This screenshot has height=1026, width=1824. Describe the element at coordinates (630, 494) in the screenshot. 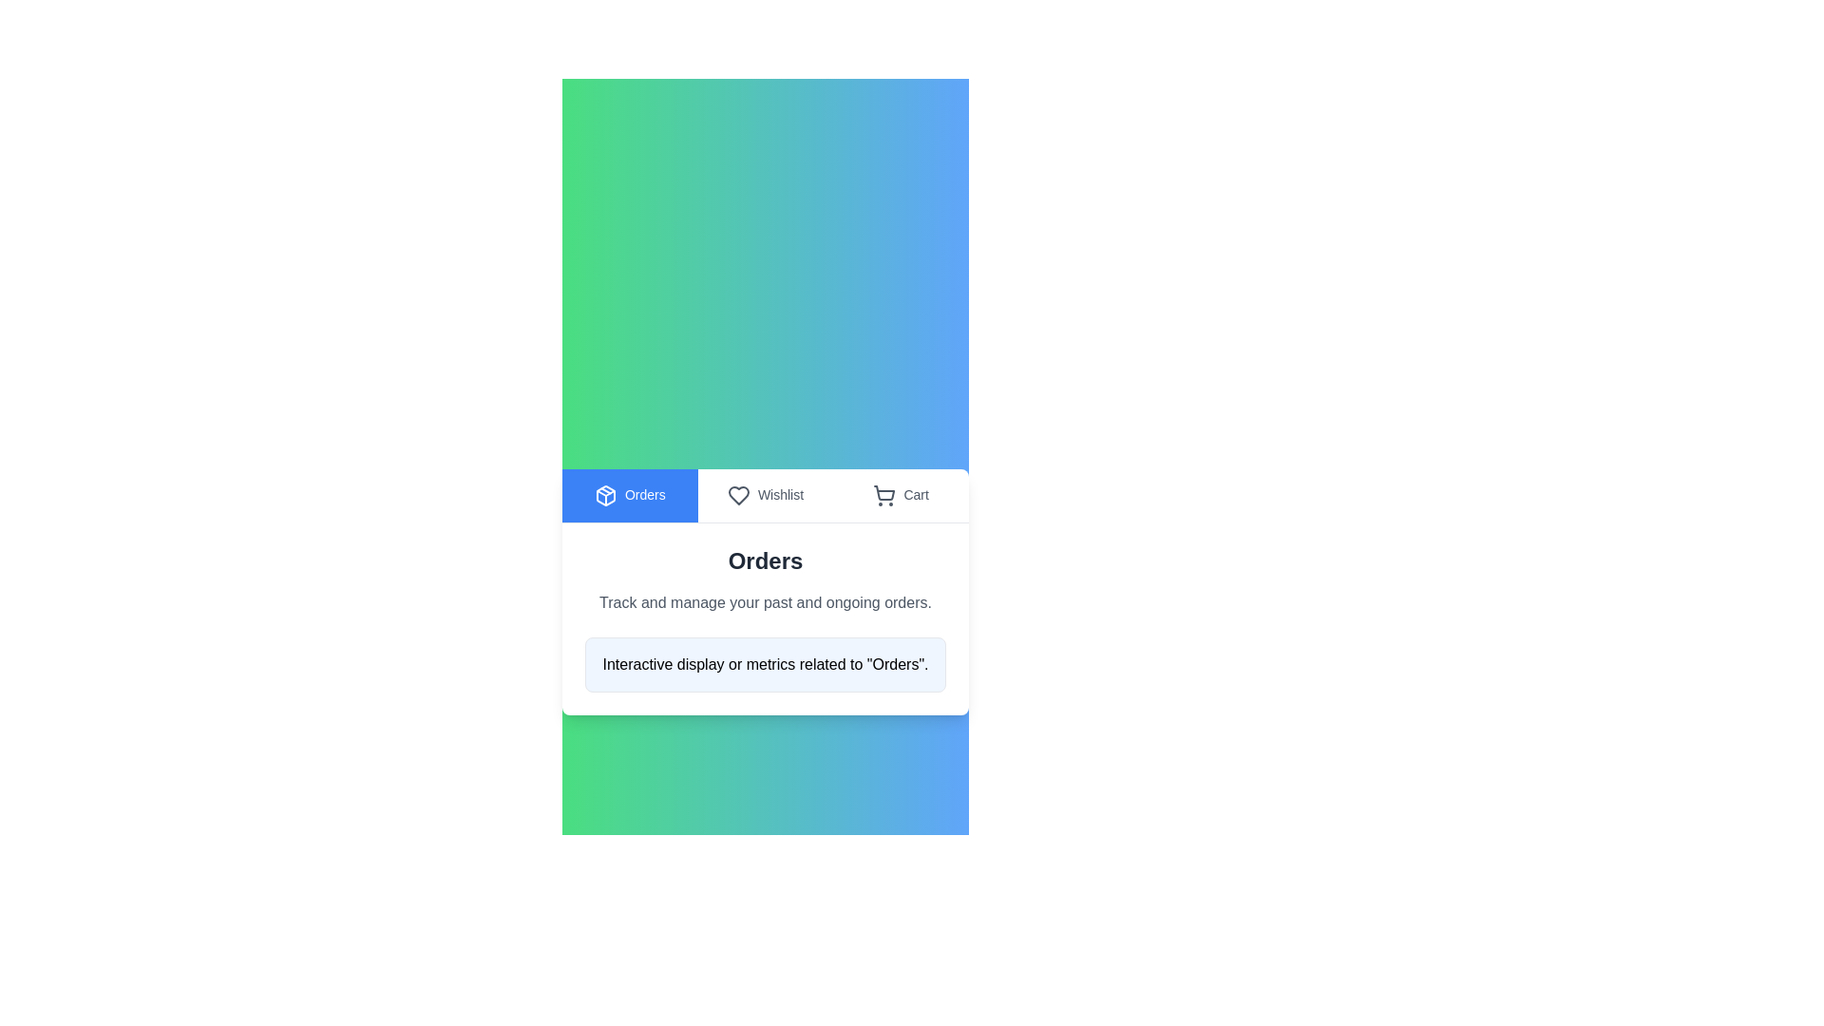

I see `the Orders tab by clicking on it` at that location.